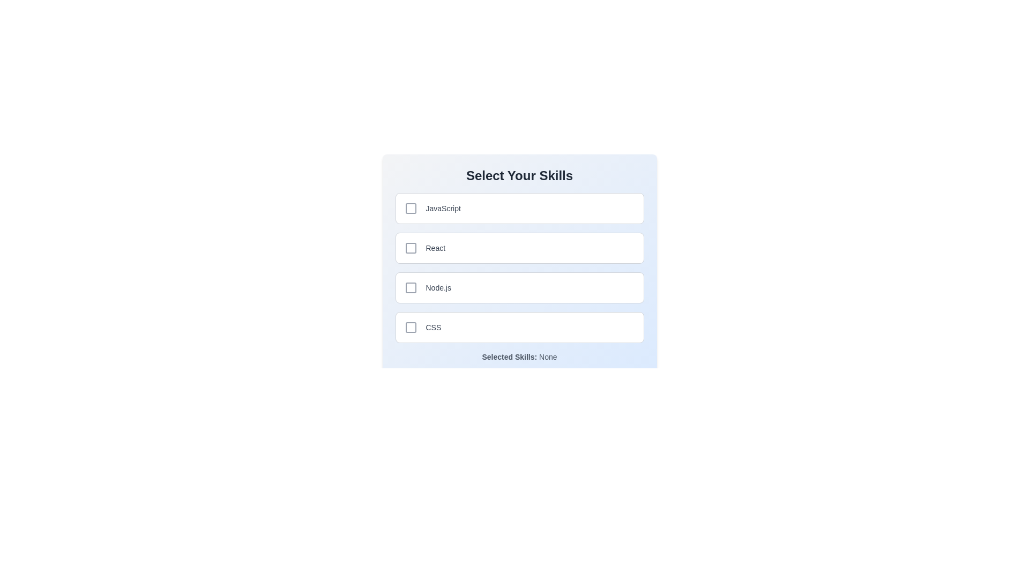  Describe the element at coordinates (410, 209) in the screenshot. I see `the surrounding checkbox of the 'JavaScript' skill` at that location.